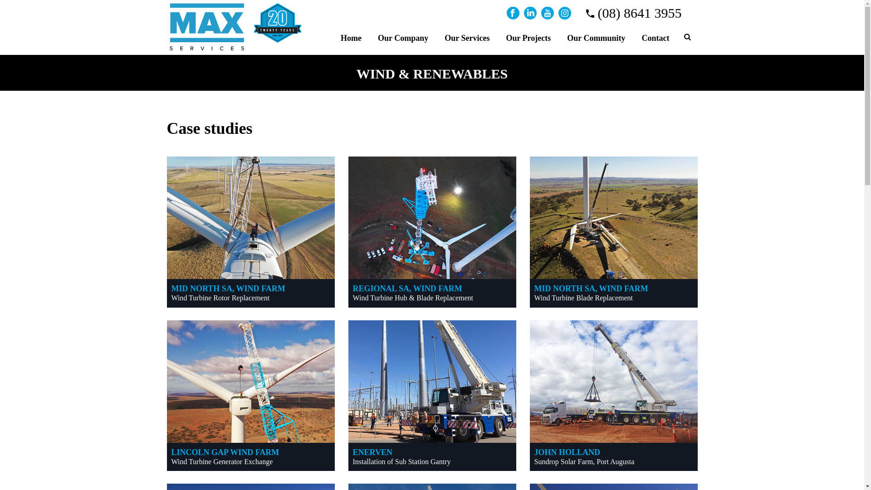 The height and width of the screenshot is (490, 871). I want to click on 'Wind Turbine Blade Replacement', so click(583, 298).